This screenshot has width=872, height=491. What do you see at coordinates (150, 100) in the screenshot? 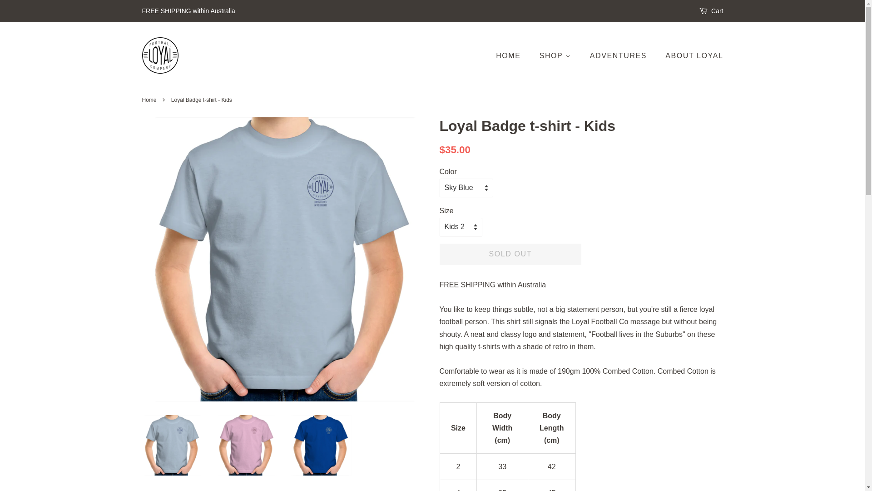
I see `'Home'` at bounding box center [150, 100].